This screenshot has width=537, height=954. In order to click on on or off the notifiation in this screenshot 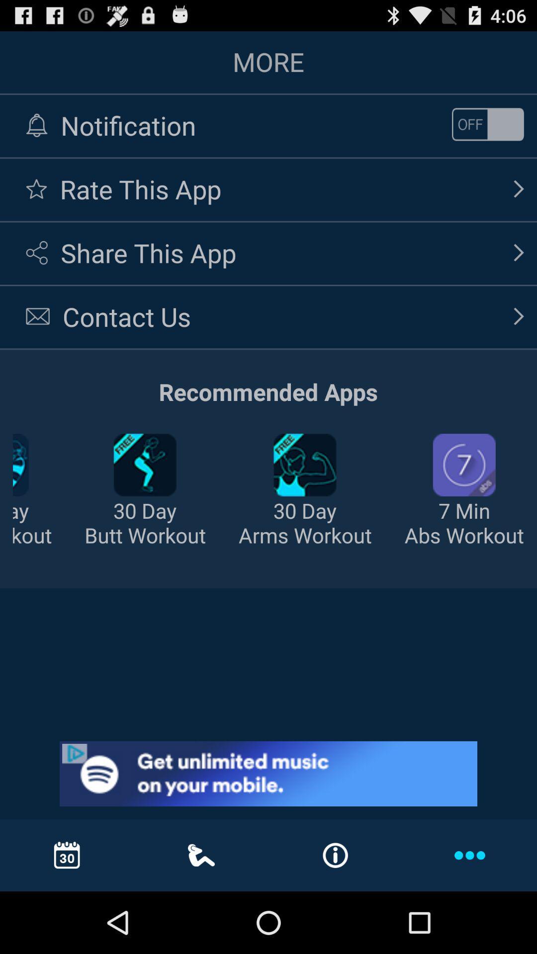, I will do `click(487, 124)`.